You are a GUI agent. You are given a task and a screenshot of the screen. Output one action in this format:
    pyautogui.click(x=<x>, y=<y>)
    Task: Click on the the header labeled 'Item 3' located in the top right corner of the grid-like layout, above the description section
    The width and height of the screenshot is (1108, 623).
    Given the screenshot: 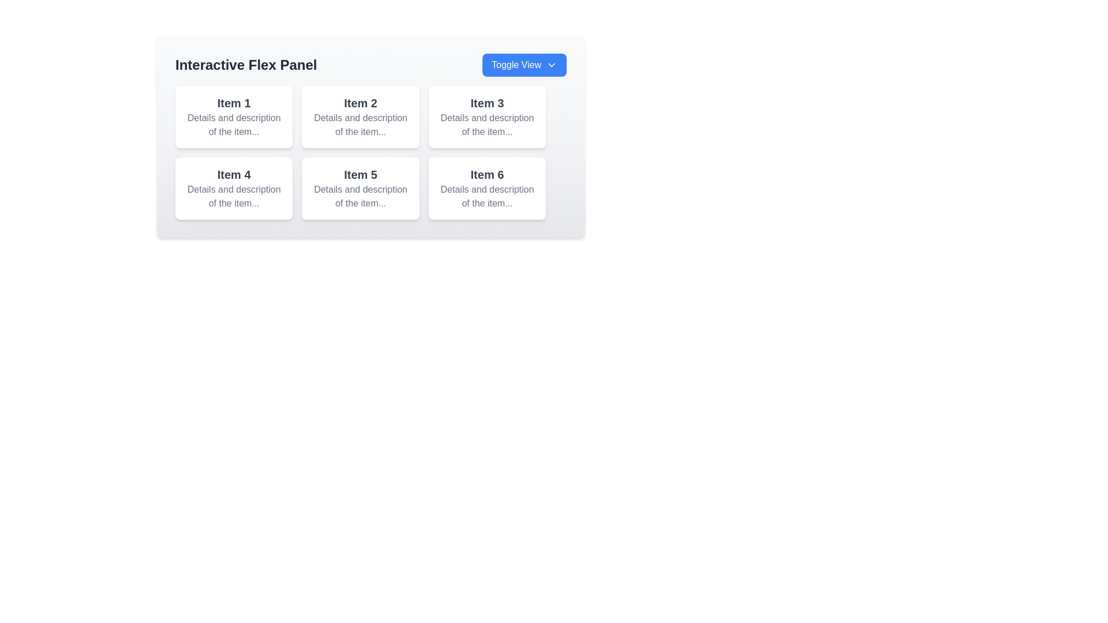 What is the action you would take?
    pyautogui.click(x=487, y=102)
    